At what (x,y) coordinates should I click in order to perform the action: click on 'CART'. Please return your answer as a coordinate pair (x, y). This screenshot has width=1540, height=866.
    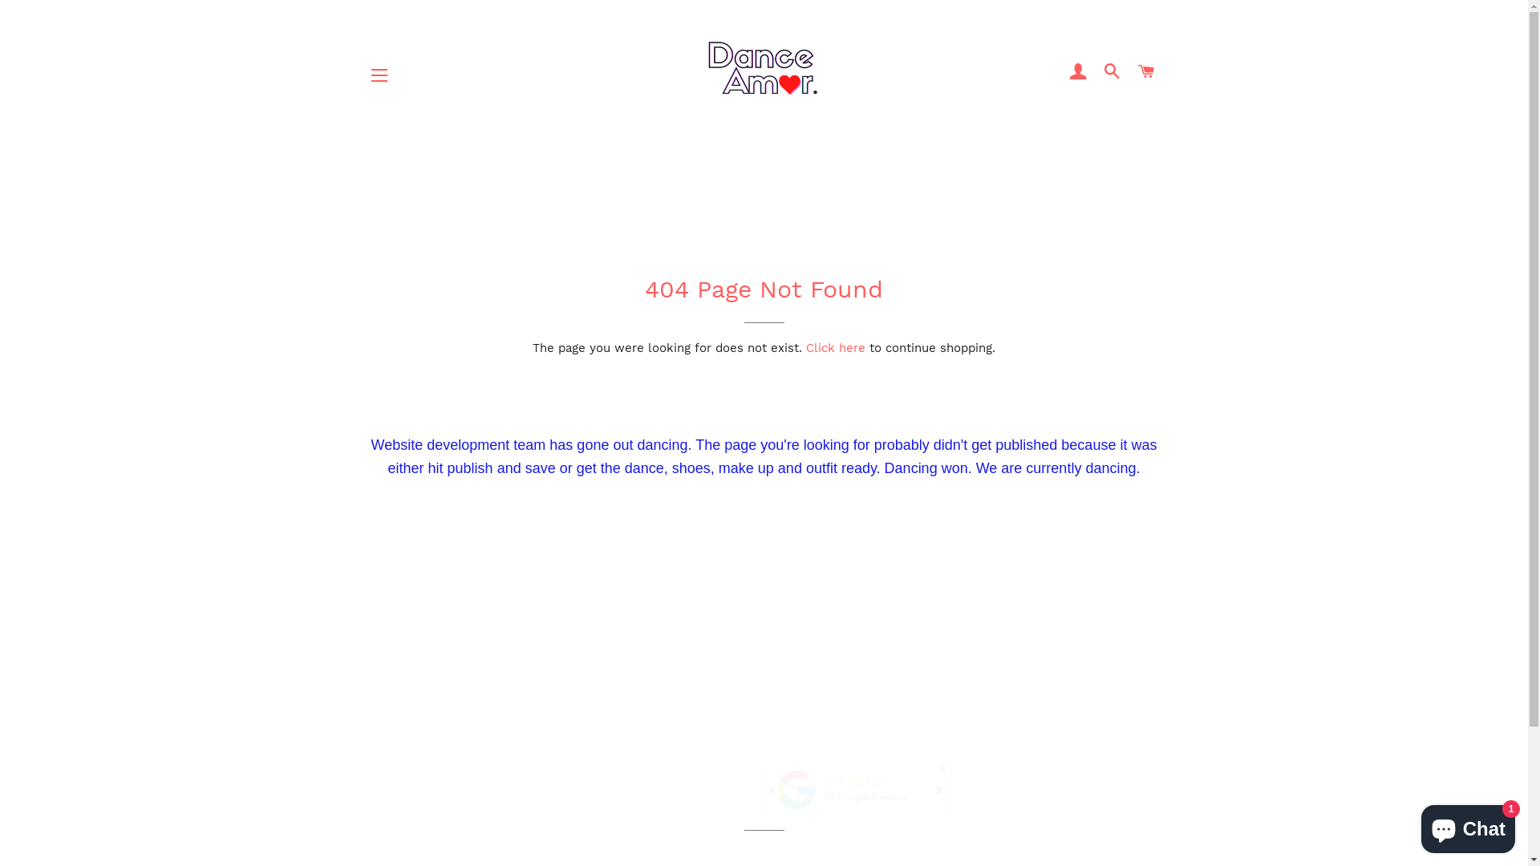
    Looking at the image, I should click on (1145, 71).